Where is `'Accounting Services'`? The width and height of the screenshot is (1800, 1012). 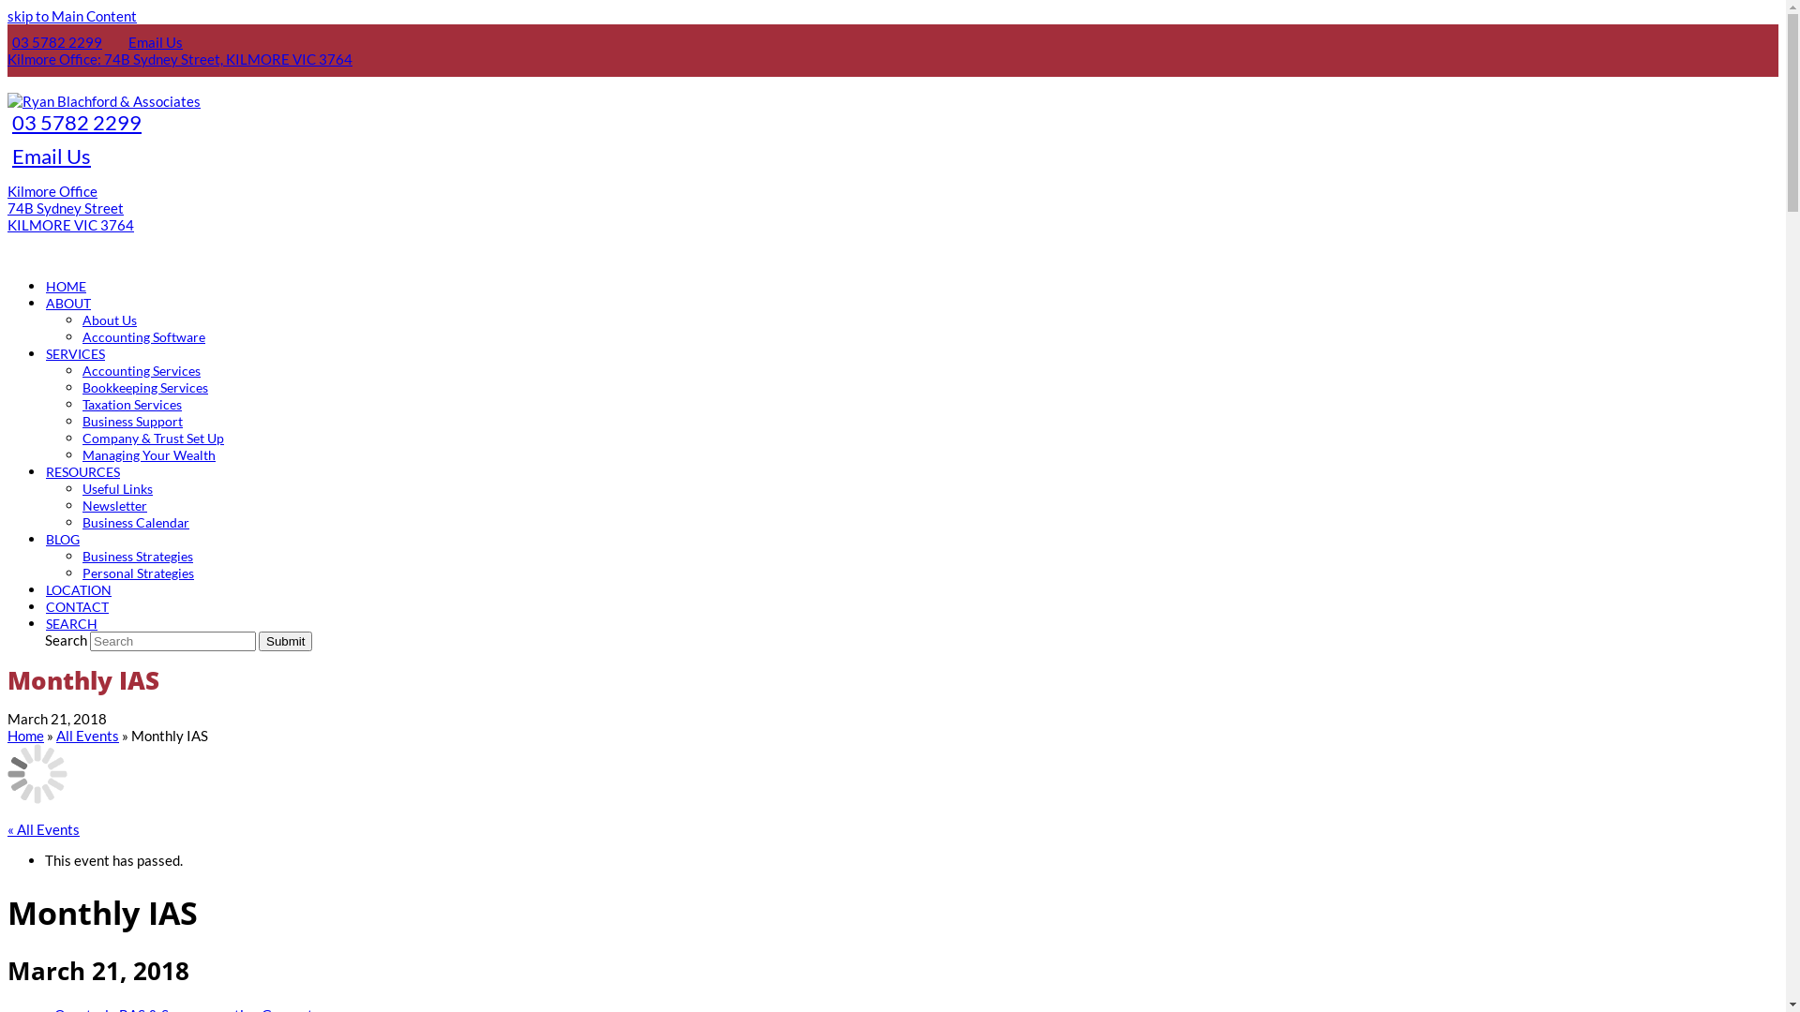
'Accounting Services' is located at coordinates (140, 369).